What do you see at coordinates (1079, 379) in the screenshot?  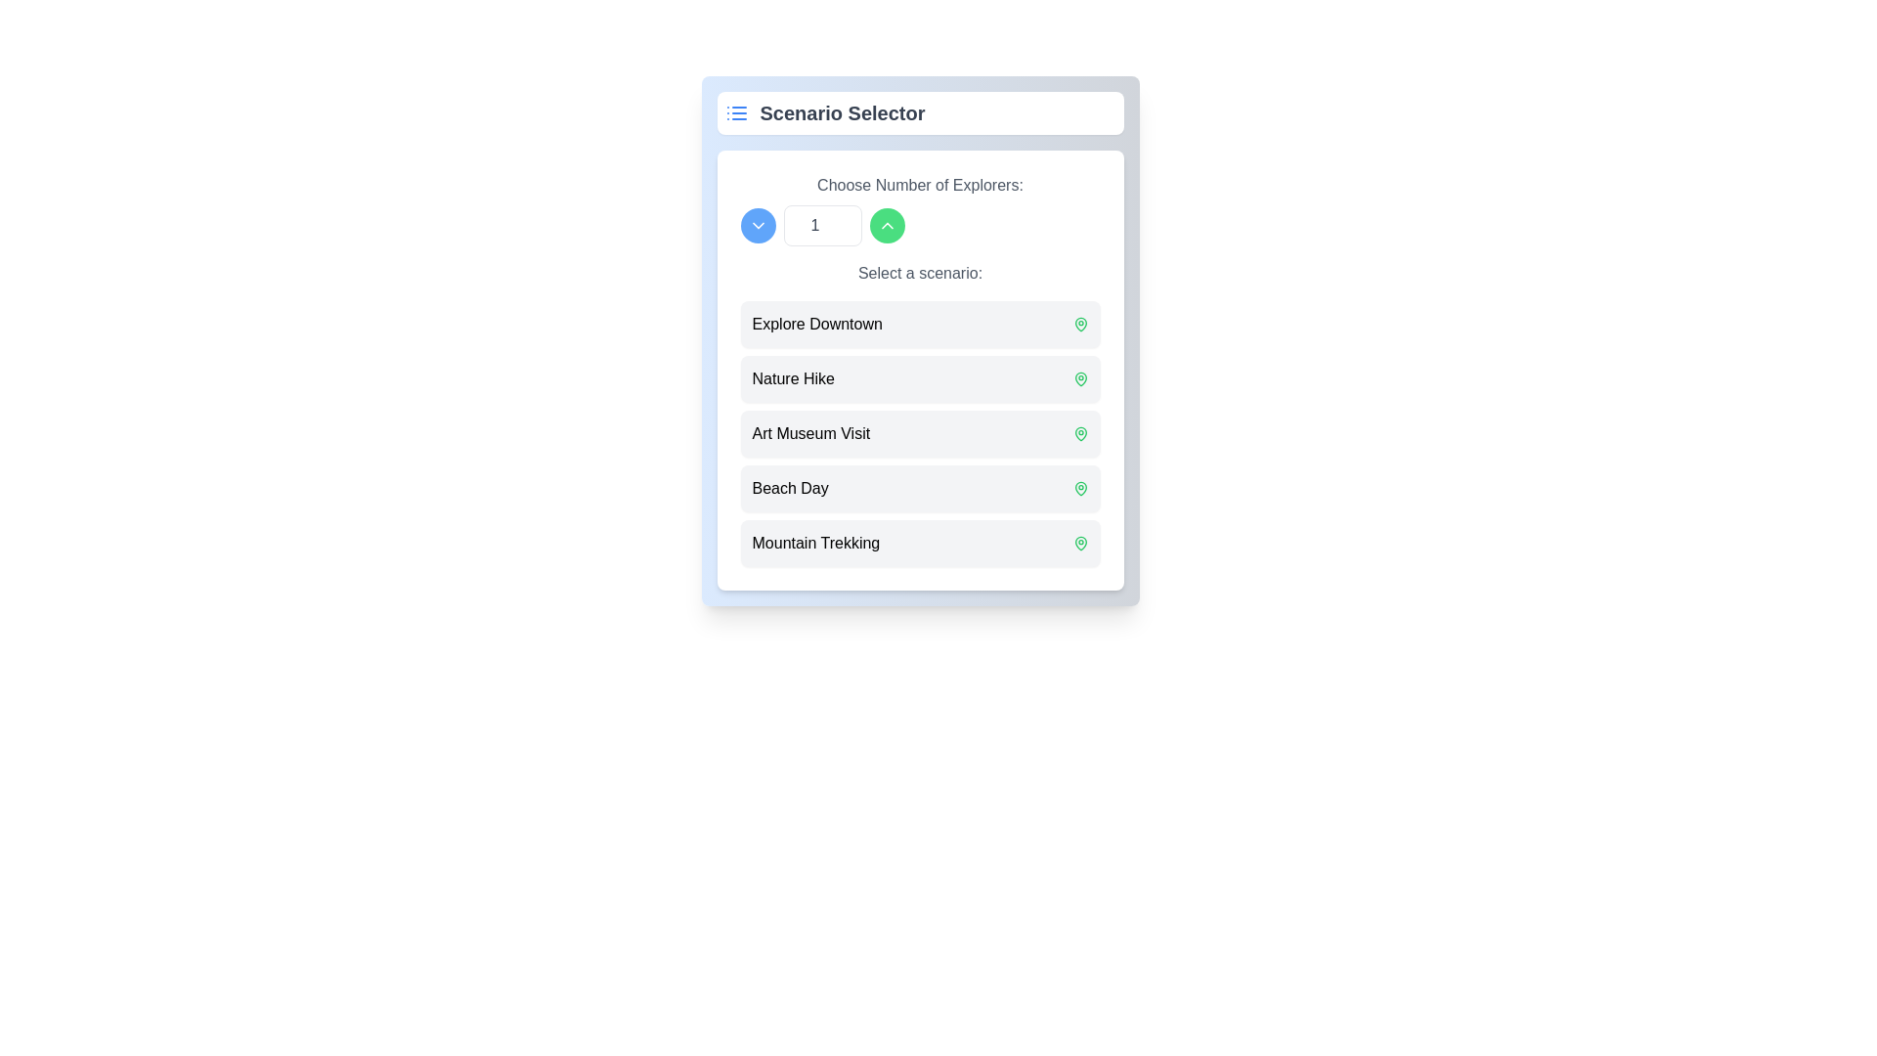 I see `the map pin icon located to the right of the 'Nature Hike' text` at bounding box center [1079, 379].